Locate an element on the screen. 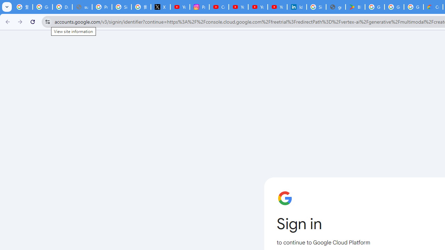  'Bluey: Let' is located at coordinates (355, 7).